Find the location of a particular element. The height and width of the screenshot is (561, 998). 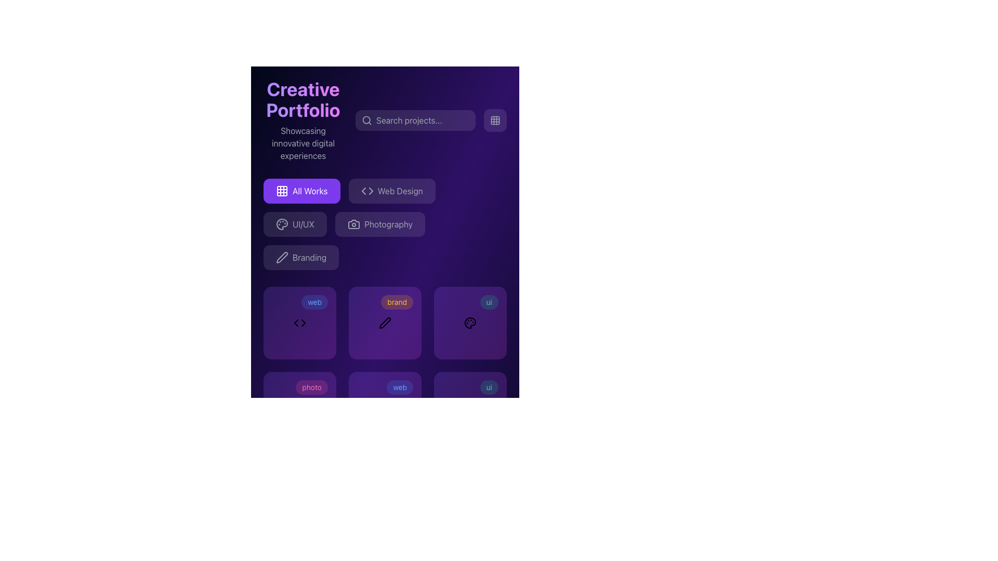

the 'Web Design' text label within the navigation button is located at coordinates (400, 191).